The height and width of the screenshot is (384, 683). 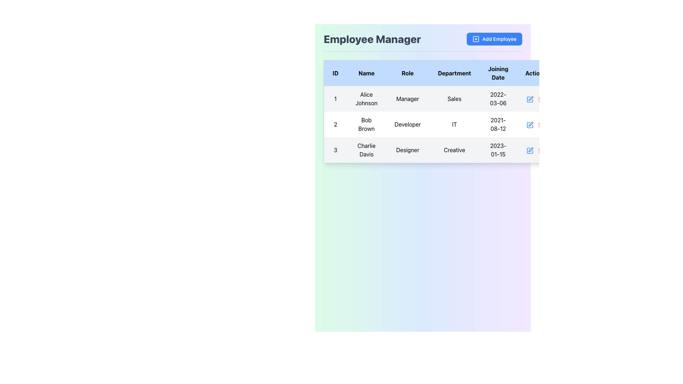 I want to click on text label indicating the role of 'Charlie Davis' located in the third row of the 'Role' column in the table, so click(x=408, y=150).